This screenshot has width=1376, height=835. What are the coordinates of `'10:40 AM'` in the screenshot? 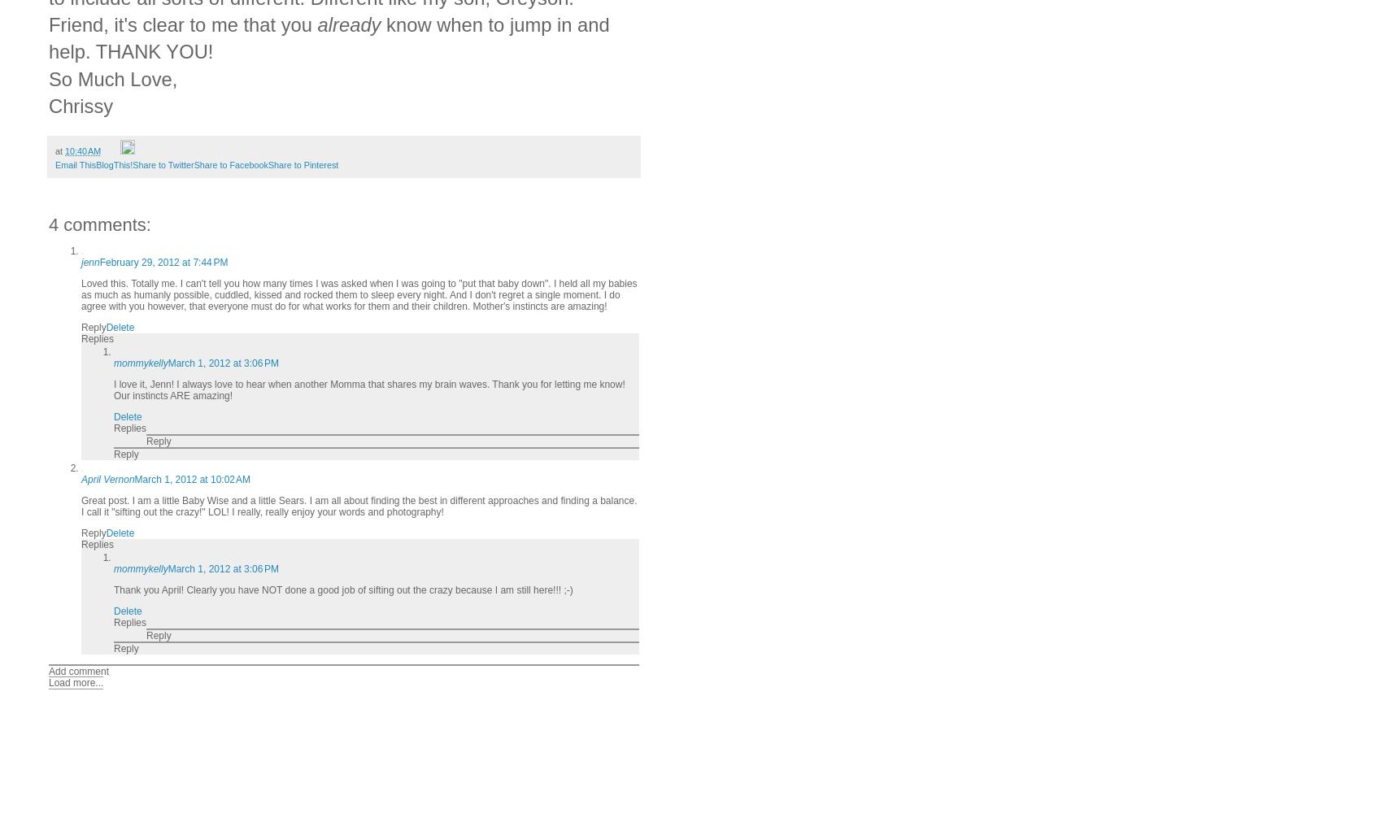 It's located at (83, 150).